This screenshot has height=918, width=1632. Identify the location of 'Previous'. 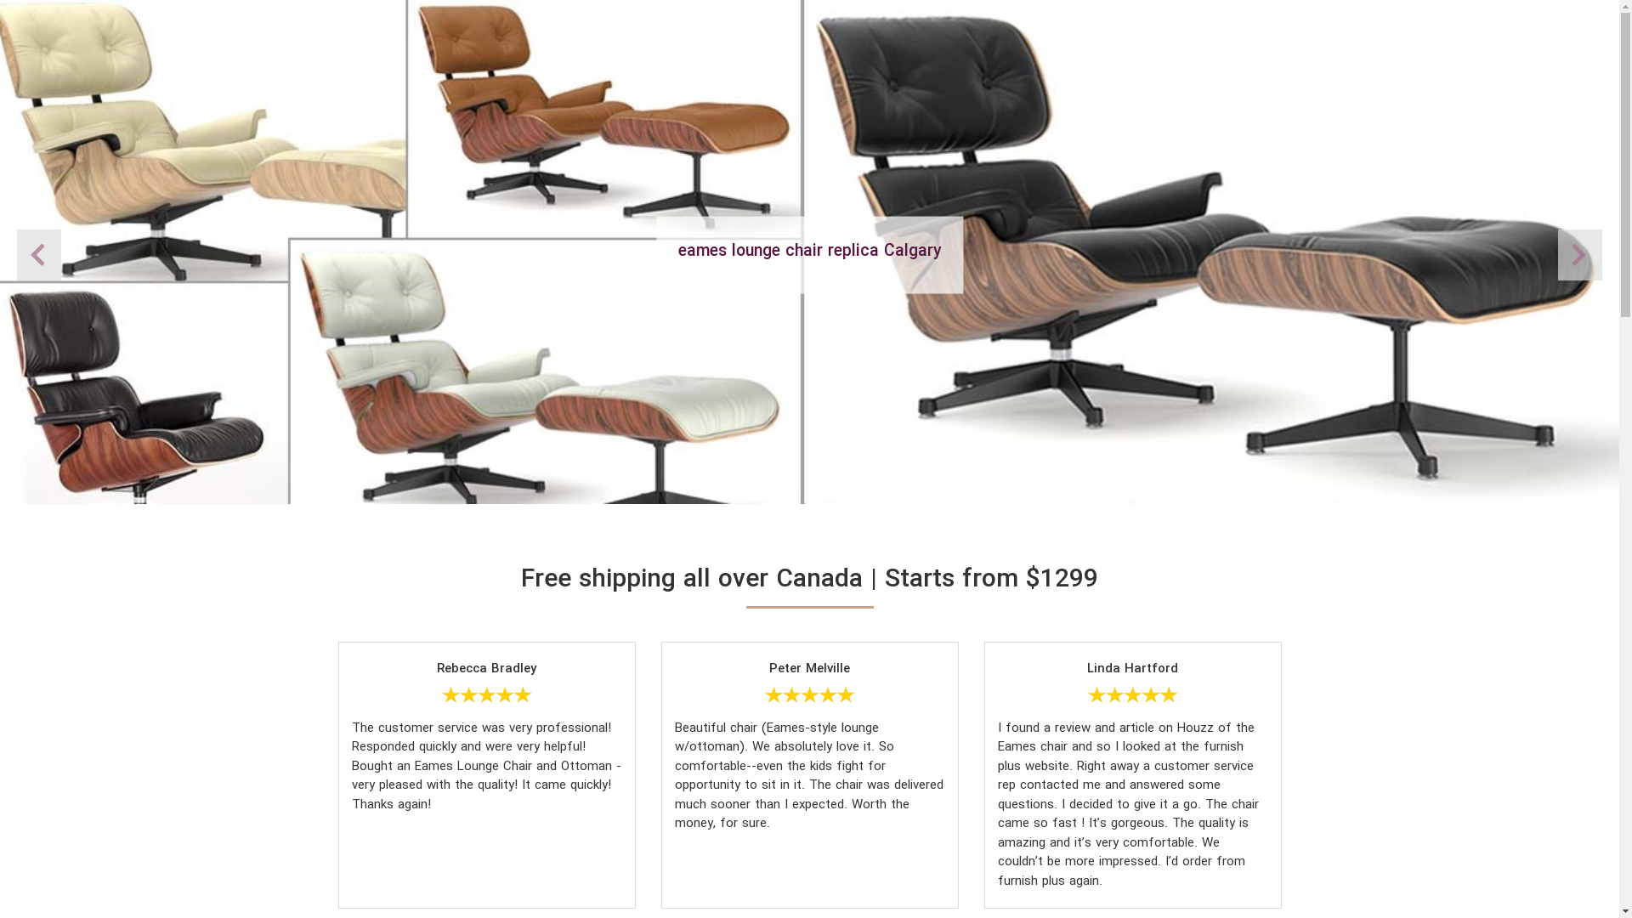
(1578, 255).